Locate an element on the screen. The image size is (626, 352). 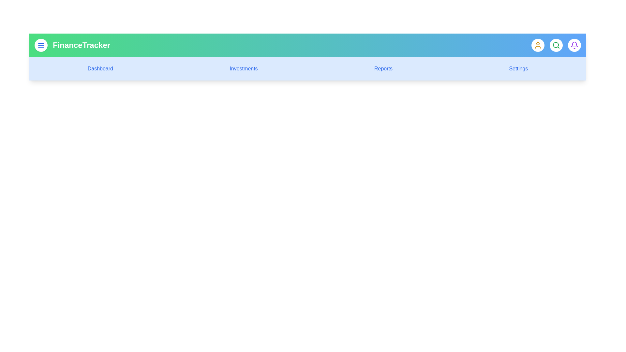
the menu link corresponding to Reports to navigate to that section is located at coordinates (383, 69).